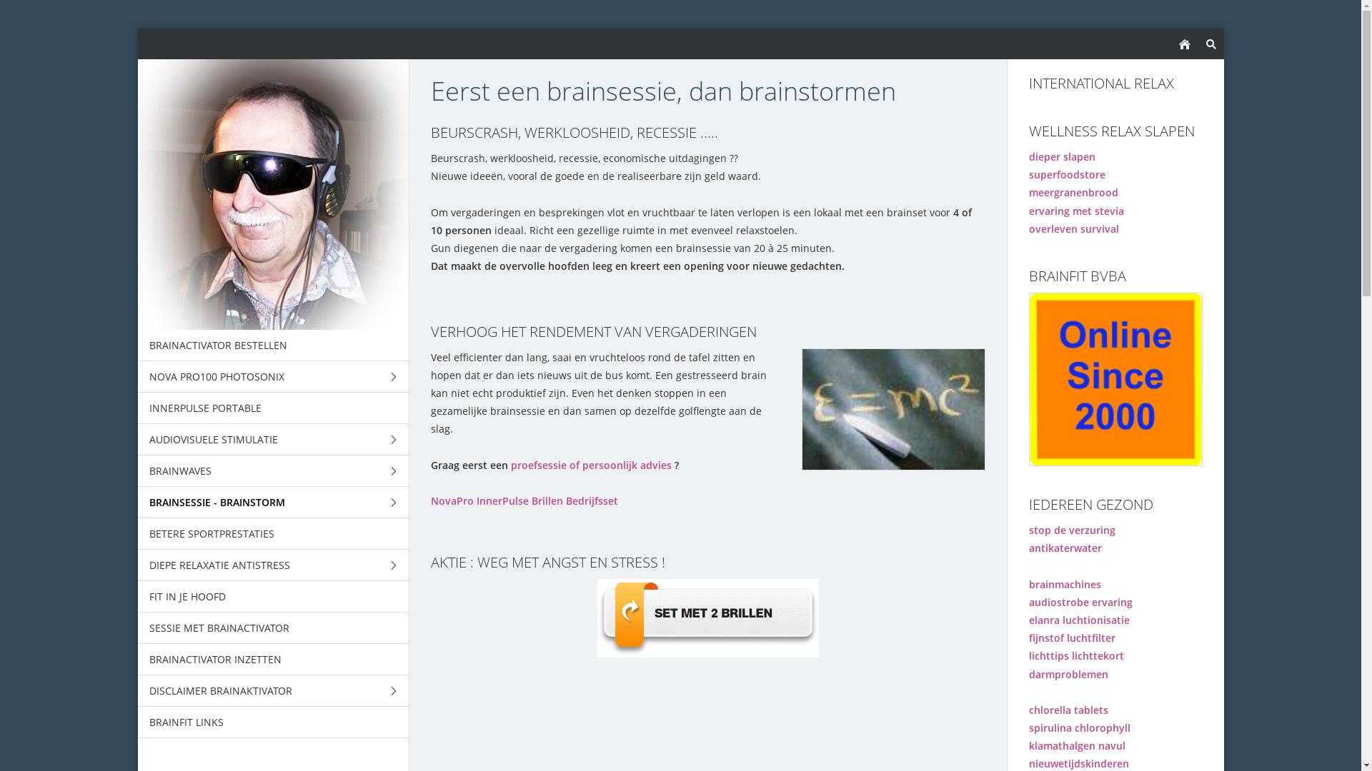  I want to click on 'DIEPE RELAXATIE ANTISTRESS', so click(272, 564).